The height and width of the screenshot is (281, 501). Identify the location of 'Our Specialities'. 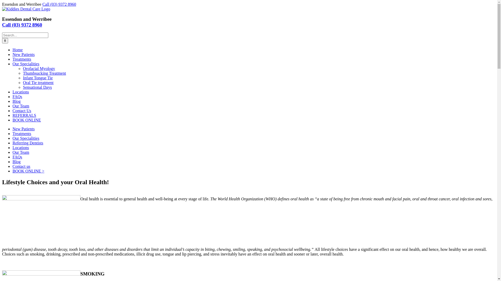
(26, 138).